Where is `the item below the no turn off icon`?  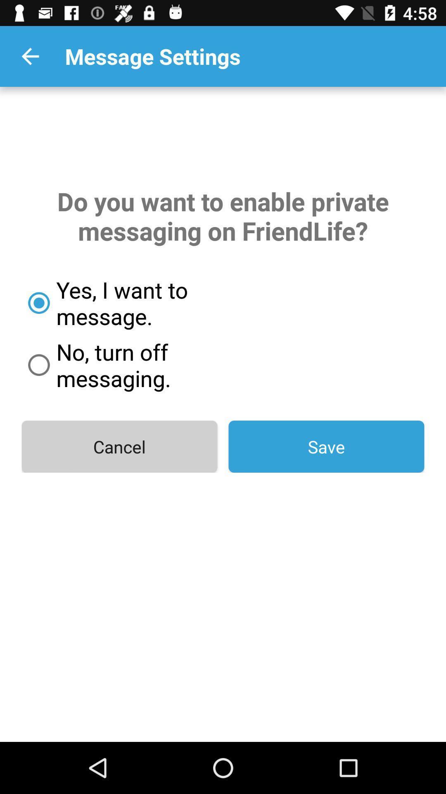
the item below the no turn off icon is located at coordinates (119, 446).